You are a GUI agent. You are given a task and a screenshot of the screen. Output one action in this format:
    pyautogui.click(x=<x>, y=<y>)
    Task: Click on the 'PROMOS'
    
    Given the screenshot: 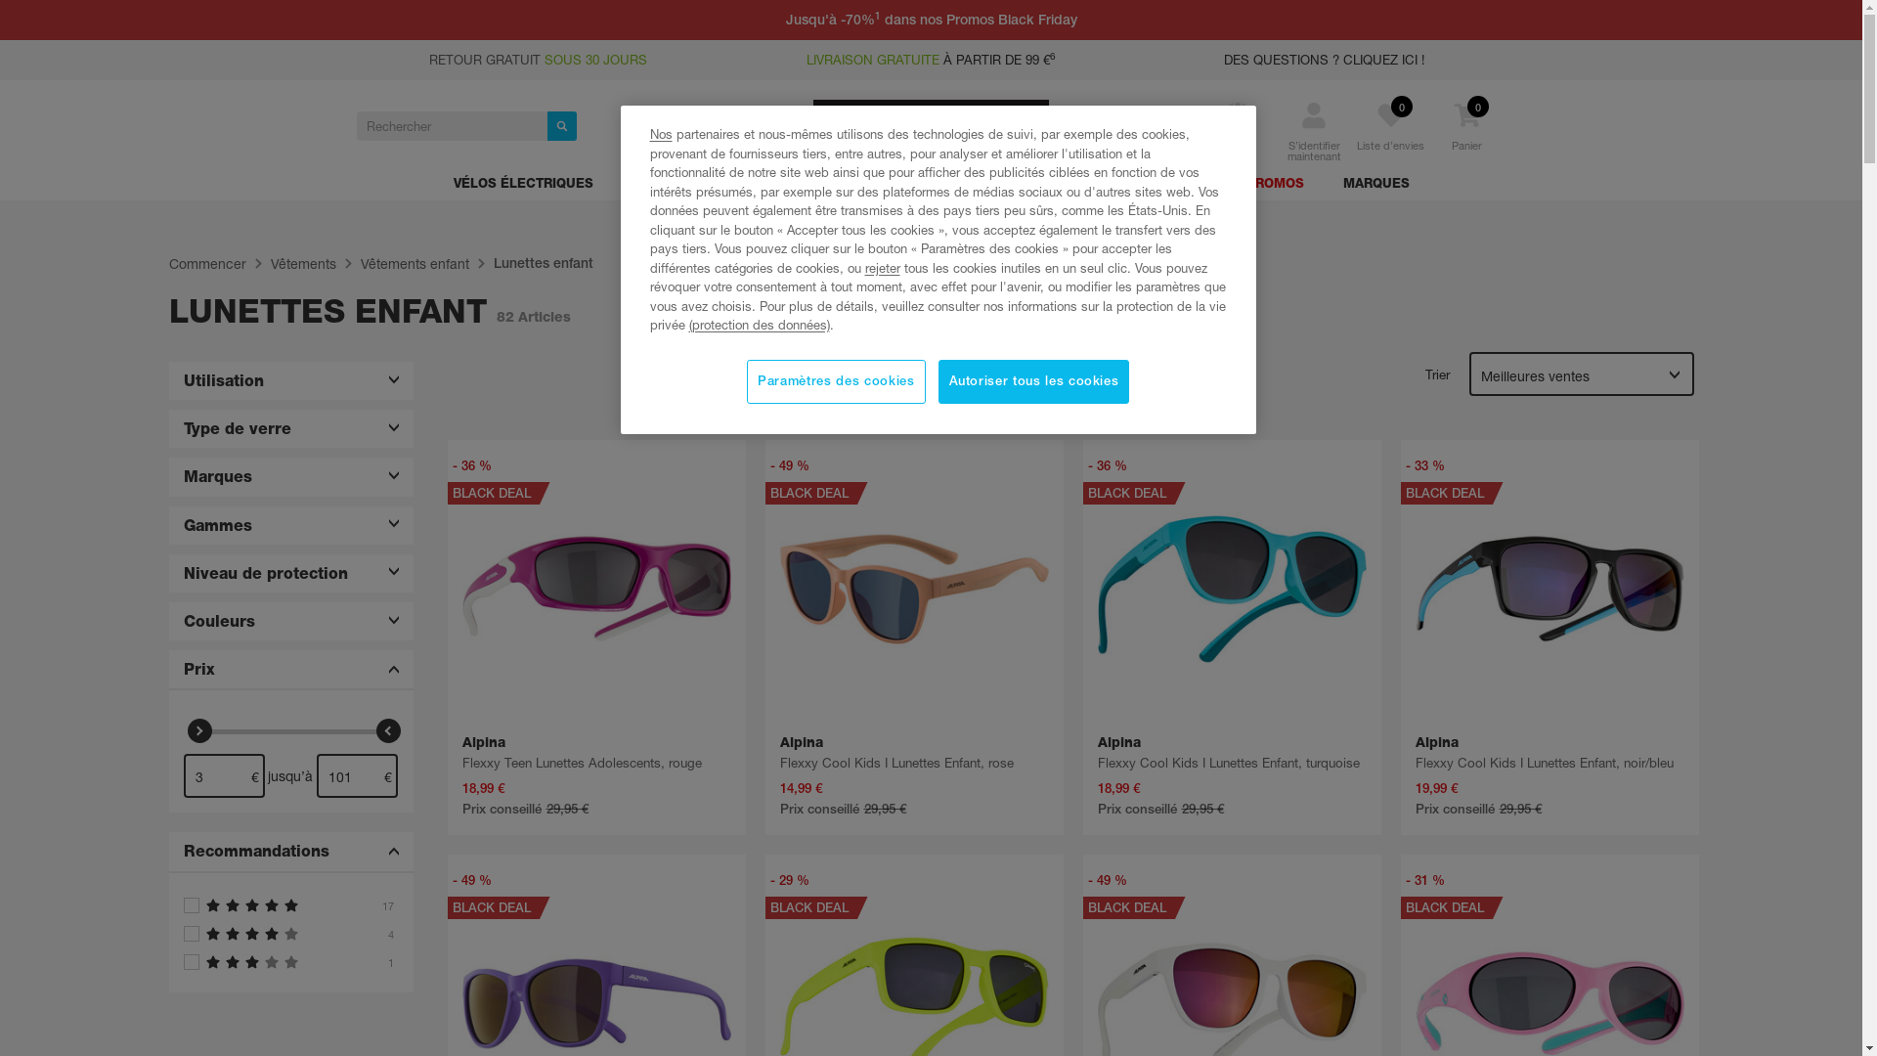 What is the action you would take?
    pyautogui.click(x=1274, y=187)
    